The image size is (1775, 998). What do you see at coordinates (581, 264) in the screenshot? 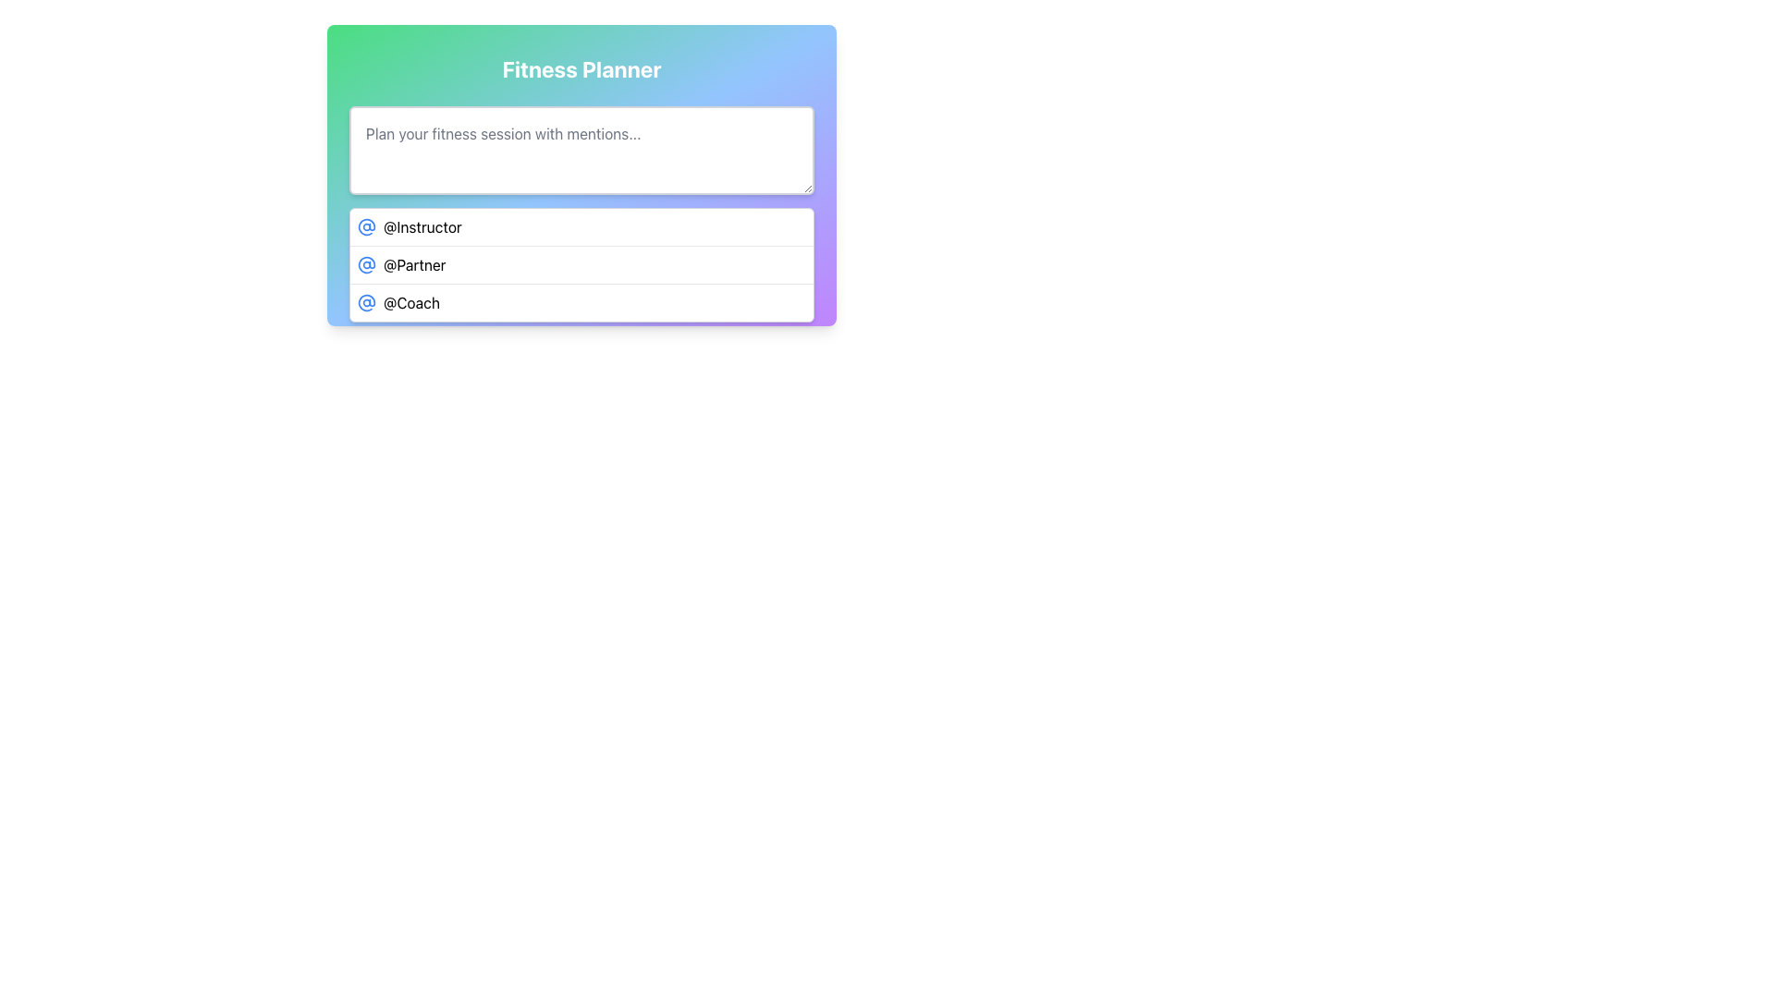
I see `the second item in the dropdown-style menu that allows users to select mentions, specifically '@Partner'` at bounding box center [581, 264].